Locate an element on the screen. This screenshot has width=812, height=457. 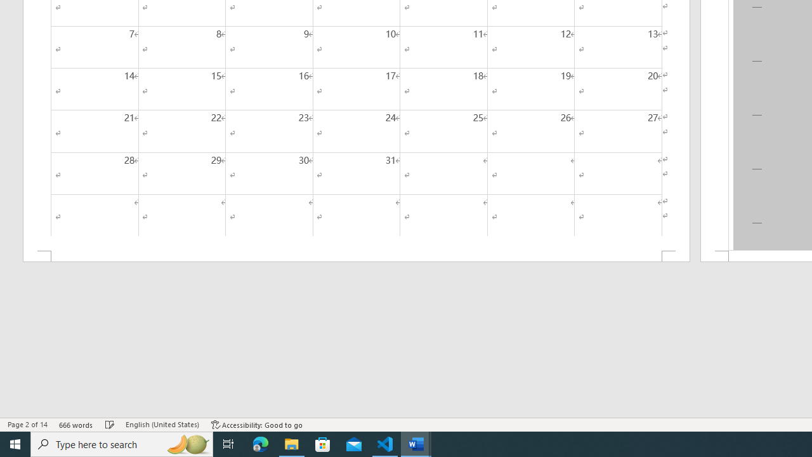
'Page Number Page 2 of 14' is located at coordinates (27, 425).